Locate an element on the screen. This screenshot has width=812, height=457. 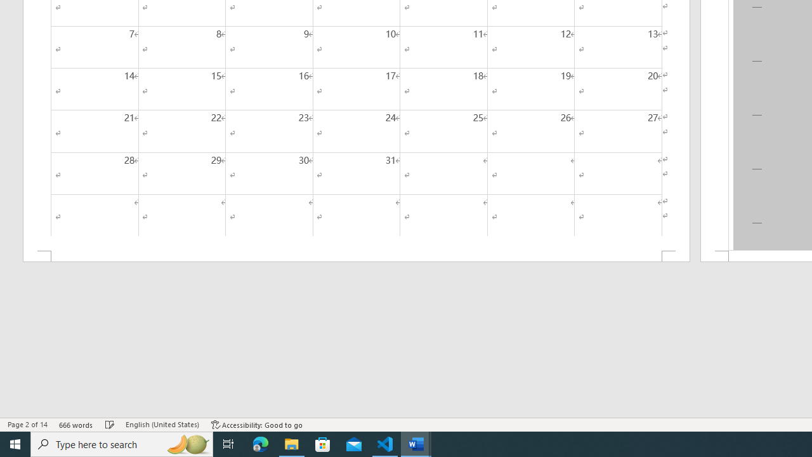
'Page Number Page 2 of 14' is located at coordinates (27, 425).